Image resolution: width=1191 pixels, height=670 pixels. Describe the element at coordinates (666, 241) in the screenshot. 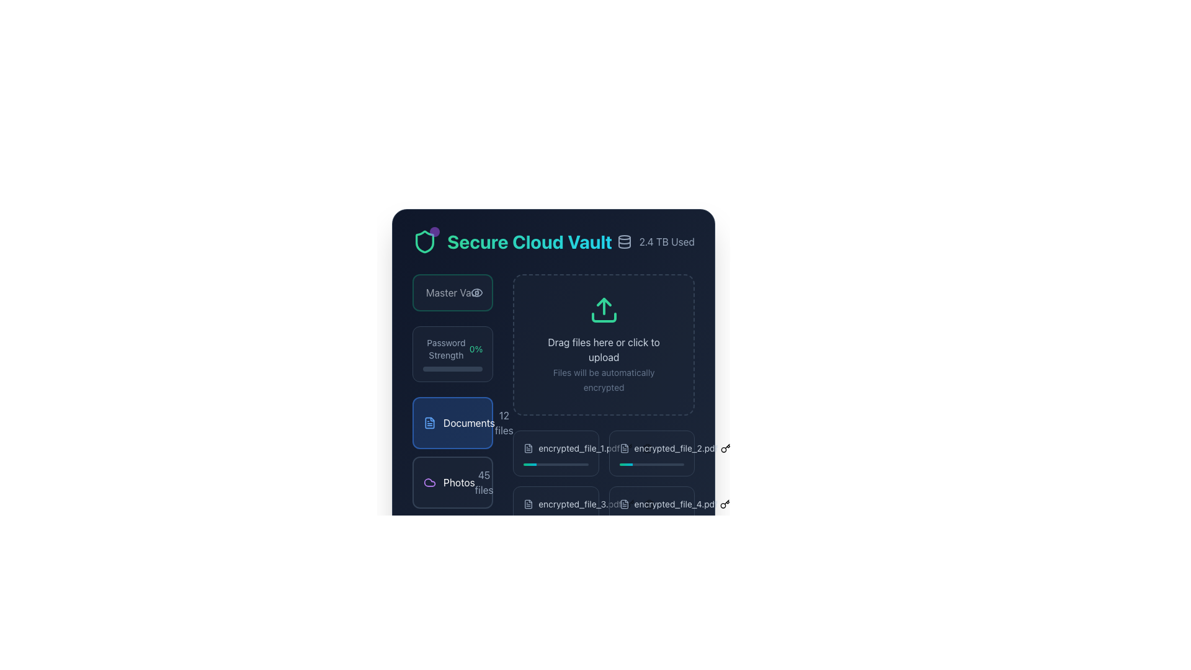

I see `the static text label displaying the amount of storage space used, located at the top-right corner of the interface` at that location.